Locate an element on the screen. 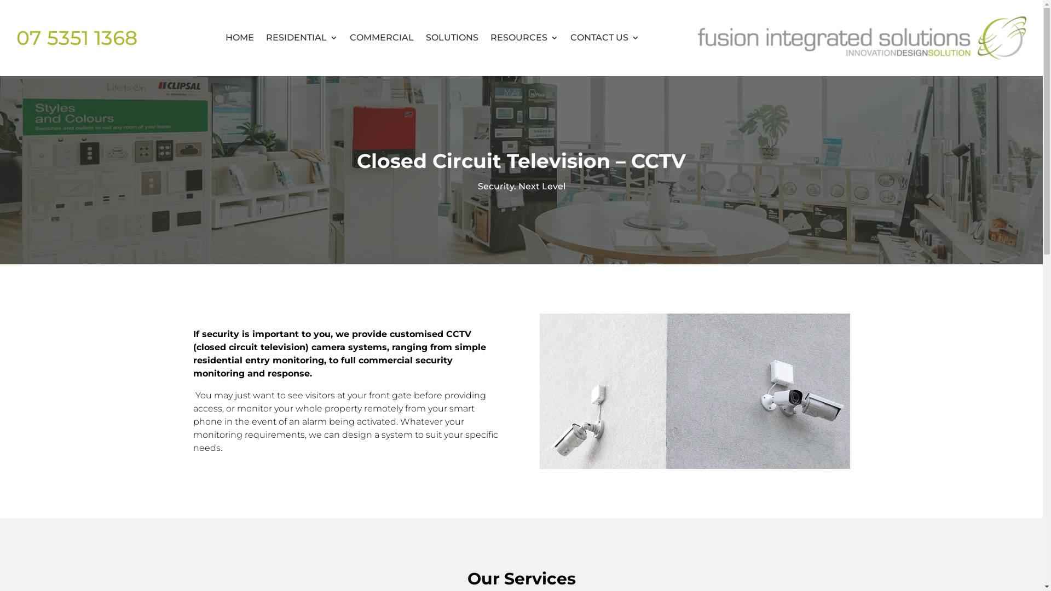 The image size is (1051, 591). 'HOME' is located at coordinates (239, 37).